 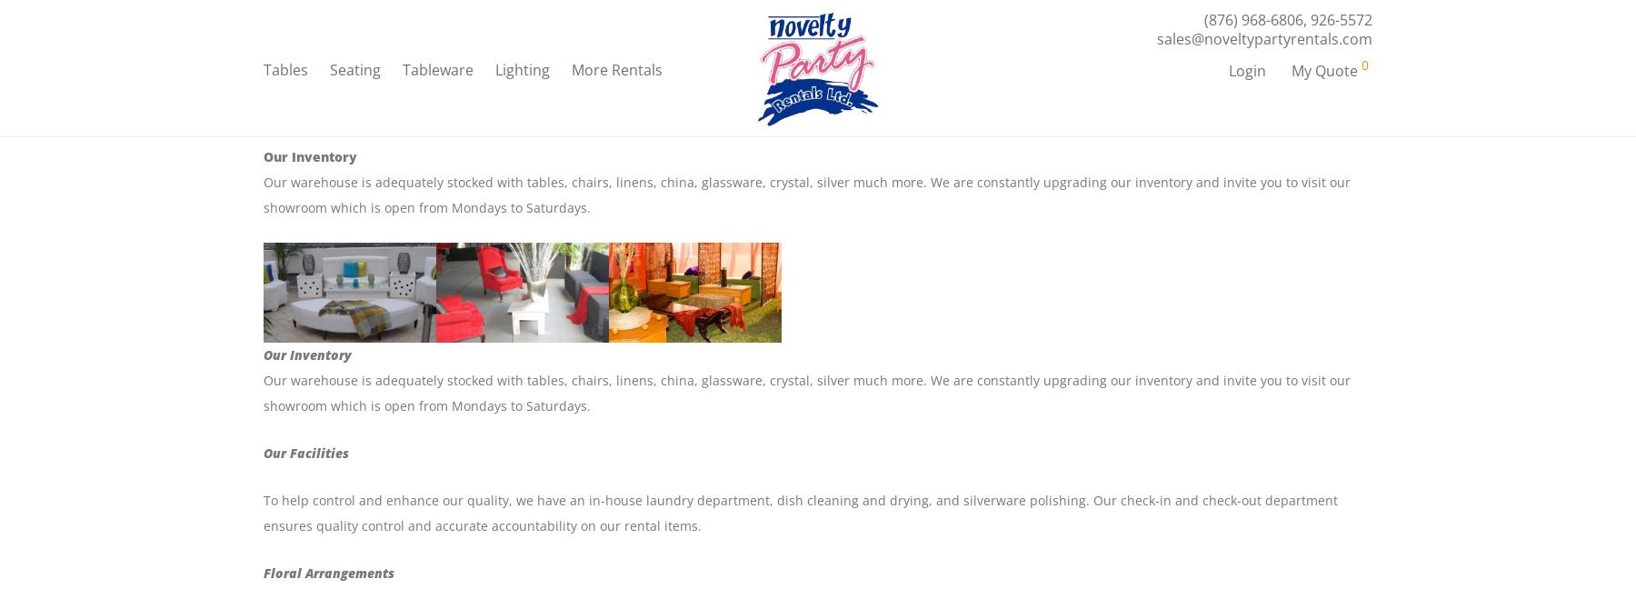 What do you see at coordinates (1306, 24) in the screenshot?
I see `','` at bounding box center [1306, 24].